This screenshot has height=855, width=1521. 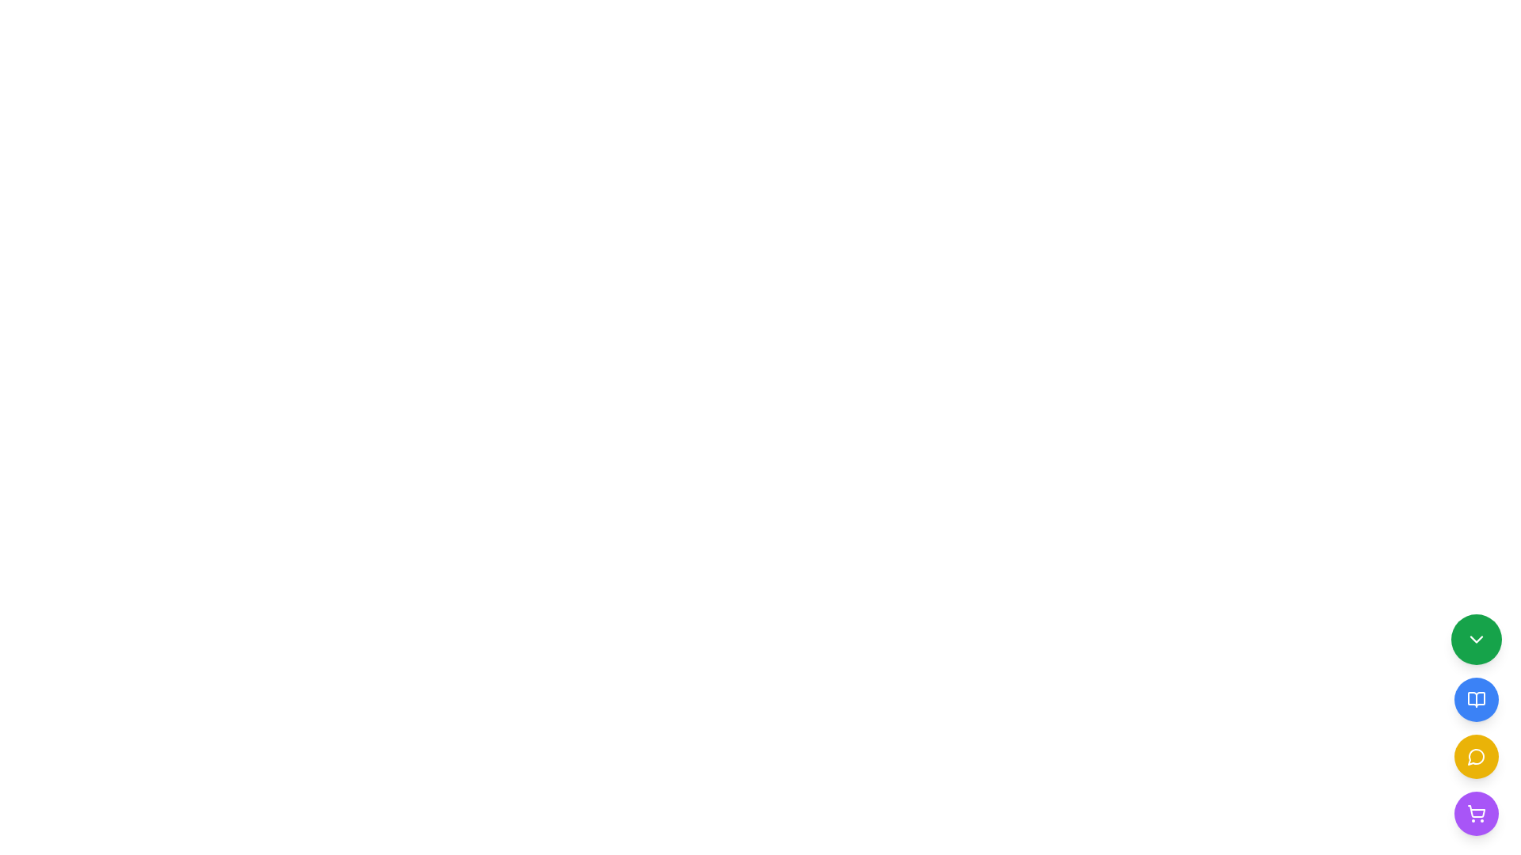 I want to click on the circular green button with a white downward chevron icon, so click(x=1475, y=638).